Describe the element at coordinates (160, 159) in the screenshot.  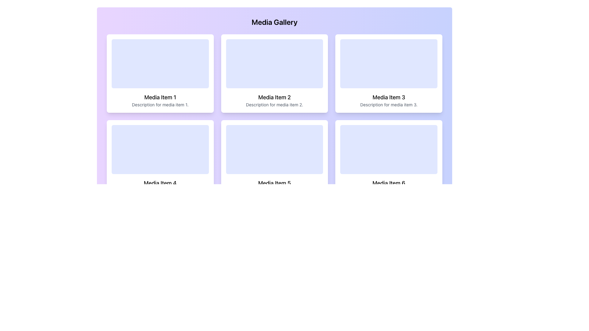
I see `the fourth Card component in the grid layout that displays a media item, located in the second row and first column` at that location.